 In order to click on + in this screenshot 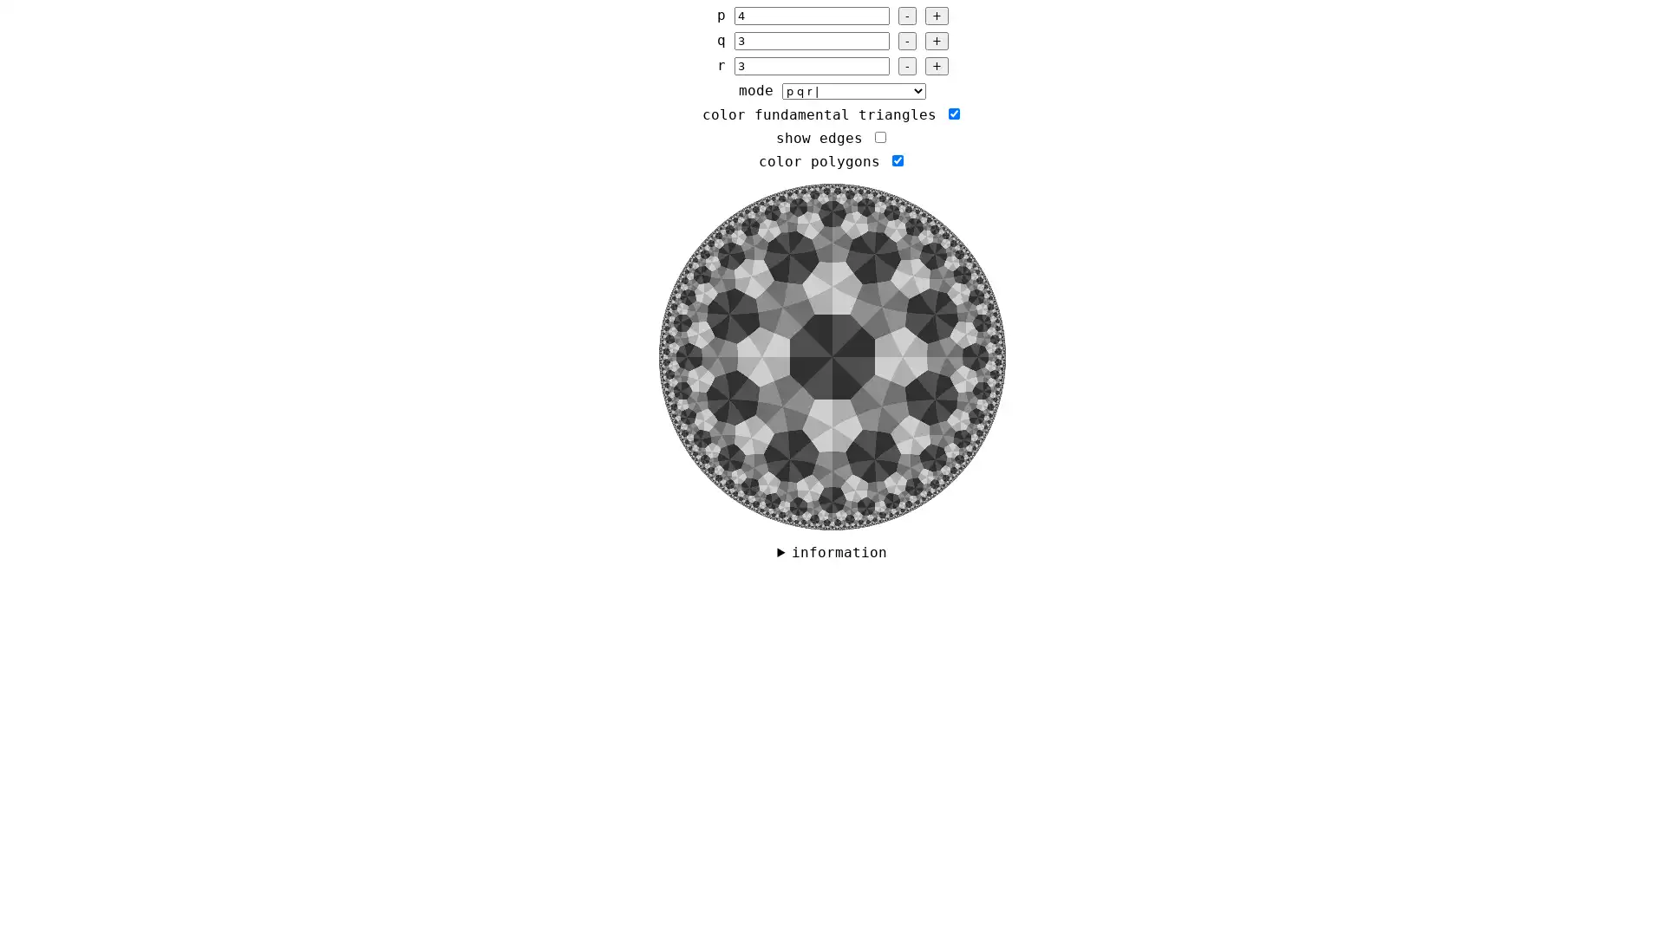, I will do `click(935, 16)`.